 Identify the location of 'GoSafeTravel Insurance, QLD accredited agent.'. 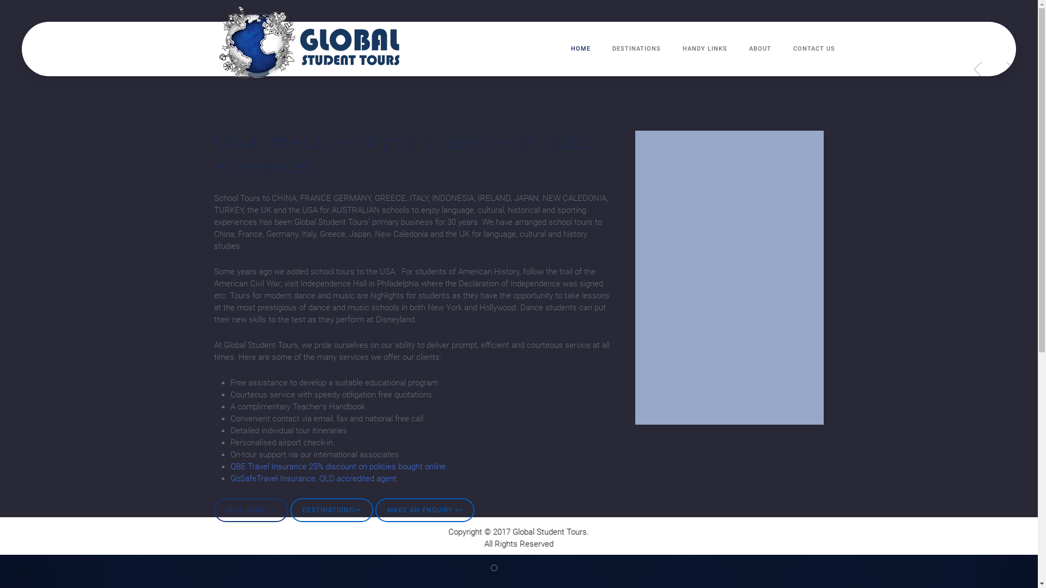
(313, 478).